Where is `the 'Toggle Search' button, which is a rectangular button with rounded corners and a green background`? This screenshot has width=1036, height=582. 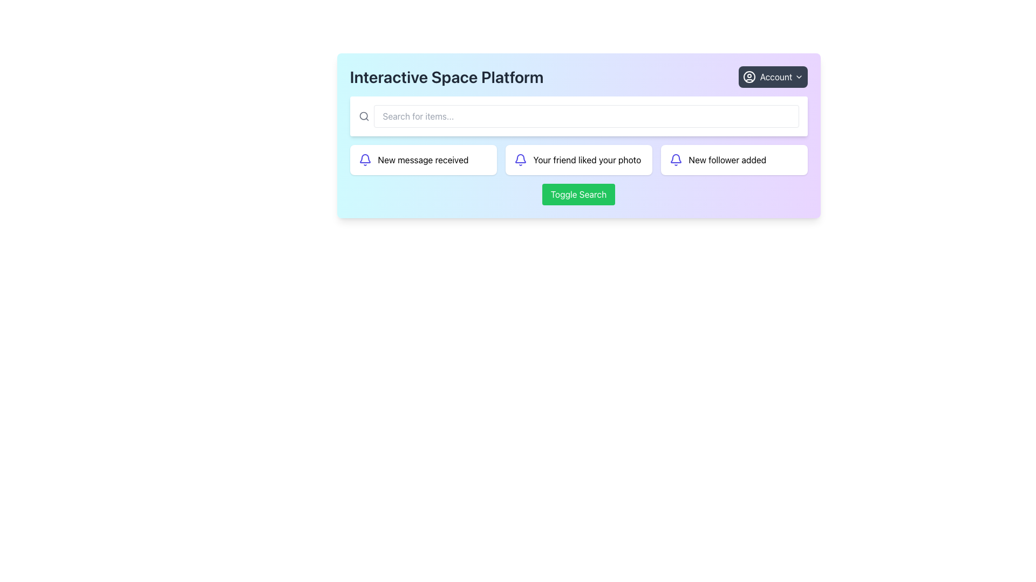
the 'Toggle Search' button, which is a rectangular button with rounded corners and a green background is located at coordinates (578, 195).